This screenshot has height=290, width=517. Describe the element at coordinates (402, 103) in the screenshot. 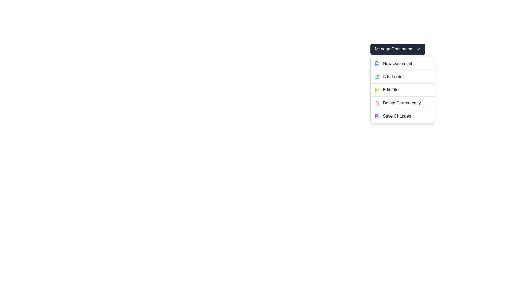

I see `the 'Delete Permanently' button, which is the fourth option in the 'Manage Documents' dropdown list` at that location.